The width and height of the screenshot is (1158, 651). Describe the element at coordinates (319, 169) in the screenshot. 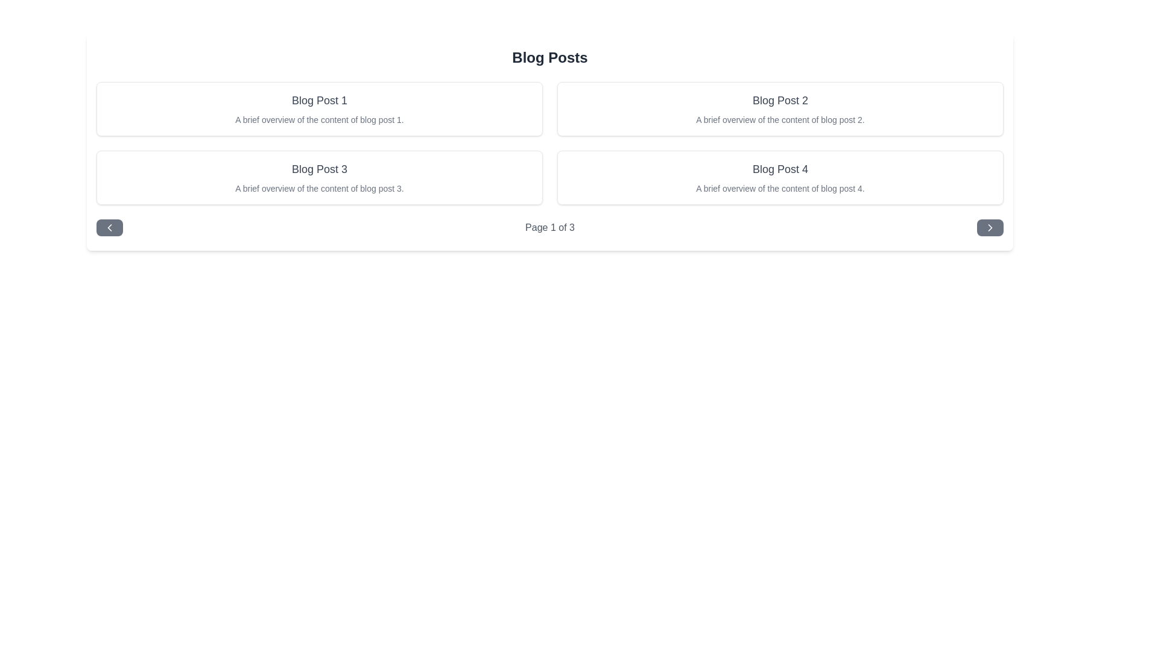

I see `on the bold title text of the blog post located inside the rounded rectangle card in the lower-left quadrant of the grid layout` at that location.